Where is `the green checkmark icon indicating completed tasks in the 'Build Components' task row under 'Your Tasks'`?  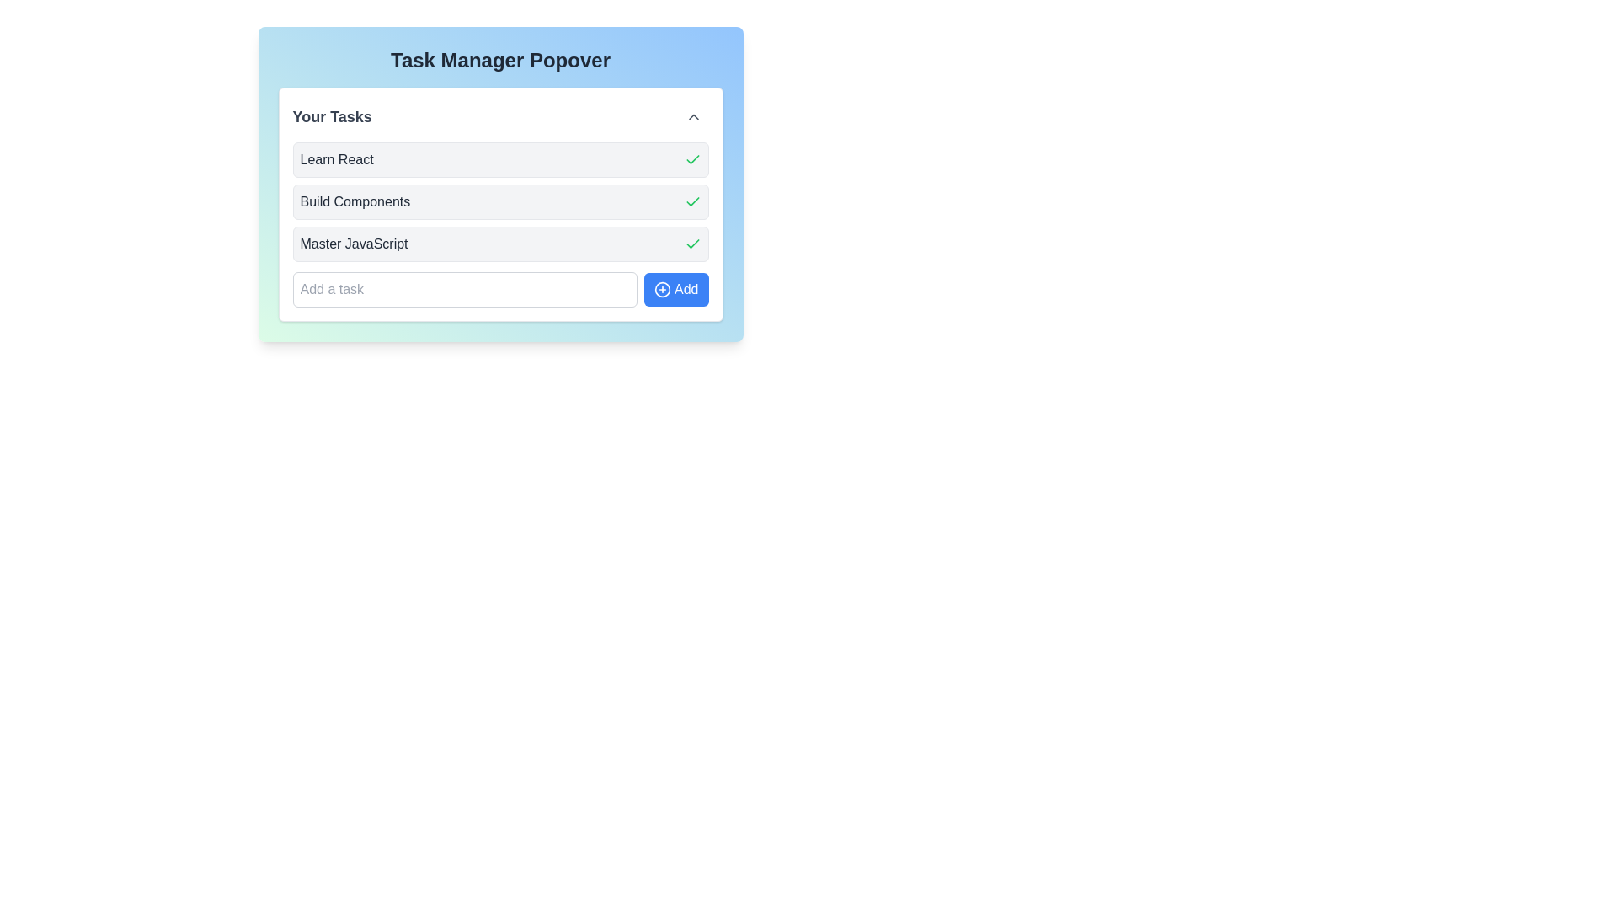 the green checkmark icon indicating completed tasks in the 'Build Components' task row under 'Your Tasks' is located at coordinates (692, 201).